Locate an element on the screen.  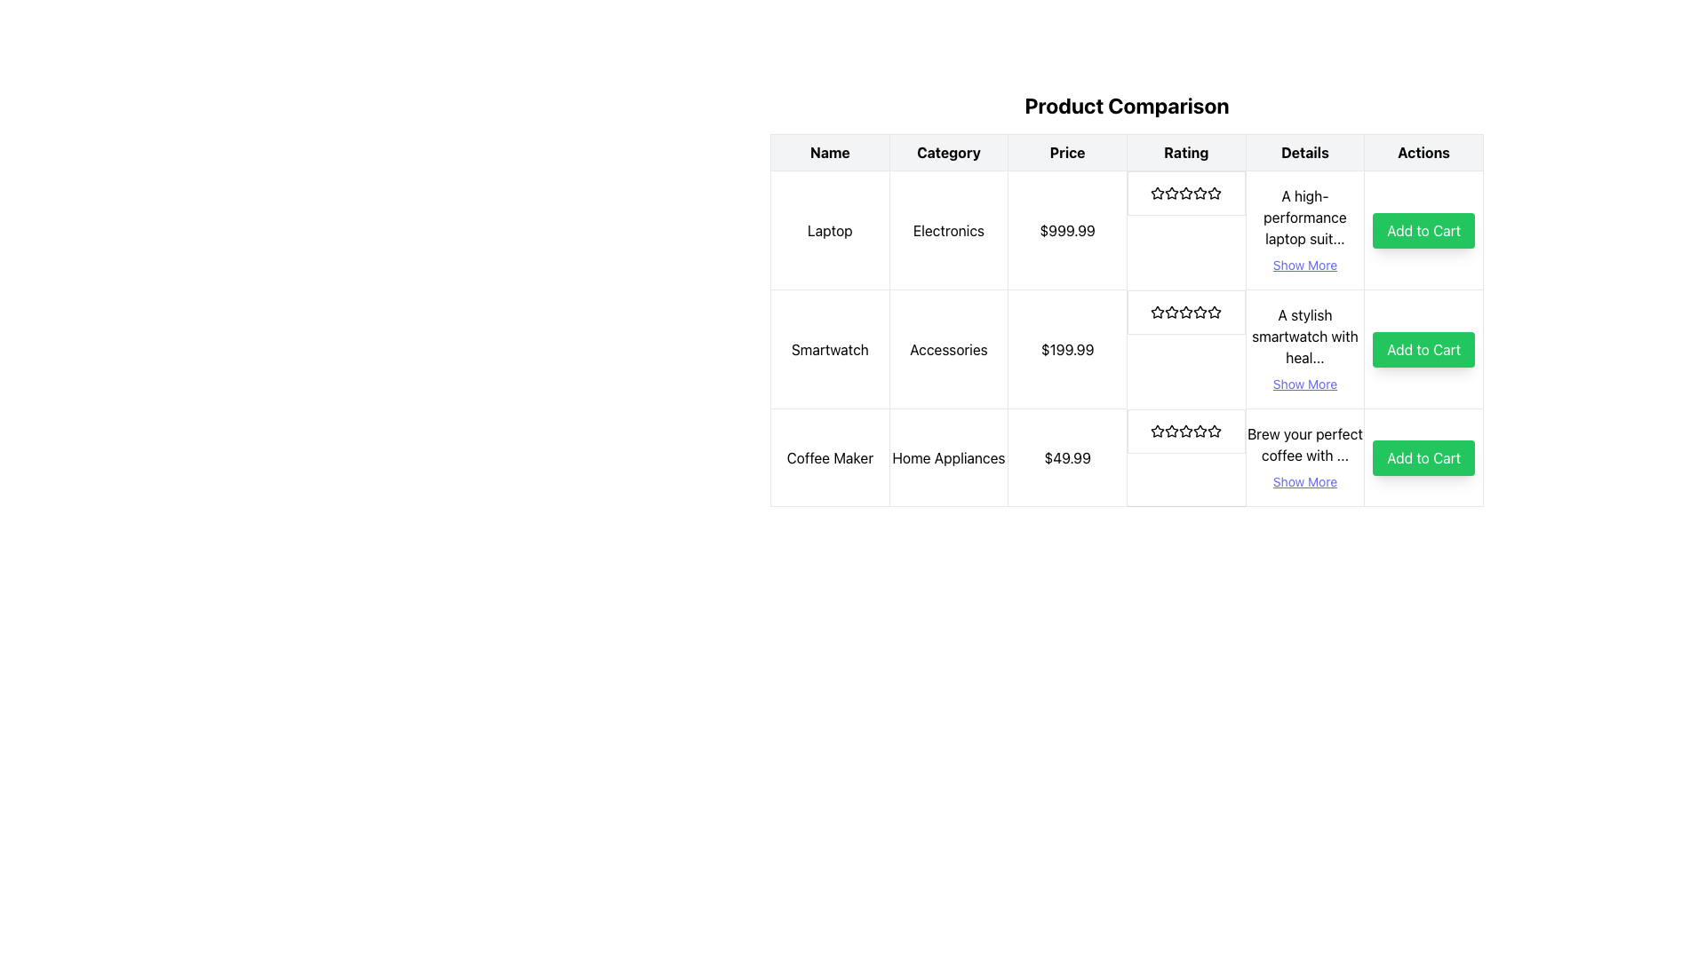
the green rectangular button labeled 'Add to Cart' in the last row of the product comparison table is located at coordinates (1423, 456).